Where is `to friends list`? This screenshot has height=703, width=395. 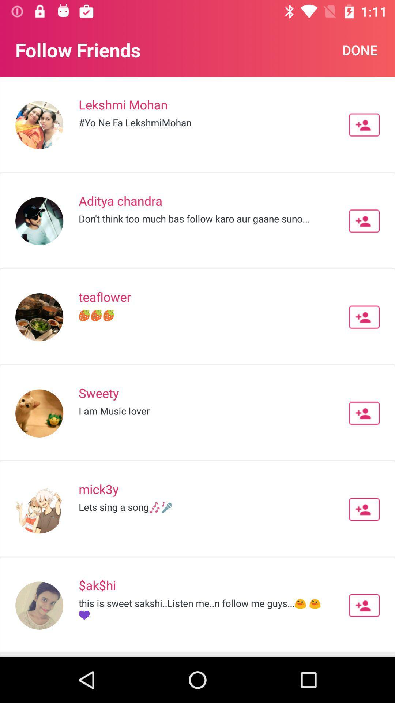
to friends list is located at coordinates (364, 125).